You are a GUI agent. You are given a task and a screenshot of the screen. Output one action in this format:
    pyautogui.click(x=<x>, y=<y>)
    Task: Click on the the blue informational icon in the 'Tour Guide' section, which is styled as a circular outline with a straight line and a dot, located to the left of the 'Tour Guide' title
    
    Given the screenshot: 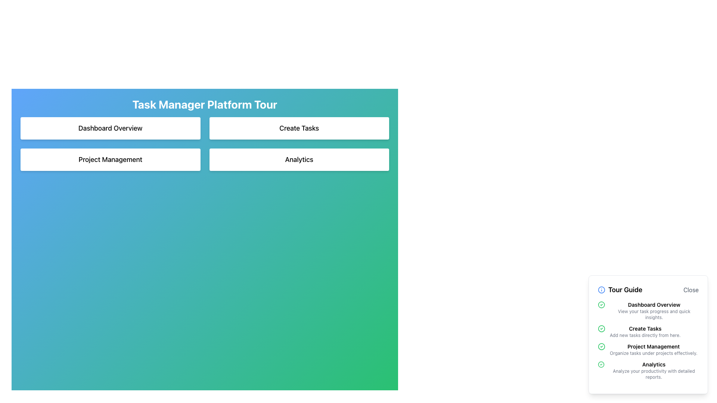 What is the action you would take?
    pyautogui.click(x=602, y=289)
    